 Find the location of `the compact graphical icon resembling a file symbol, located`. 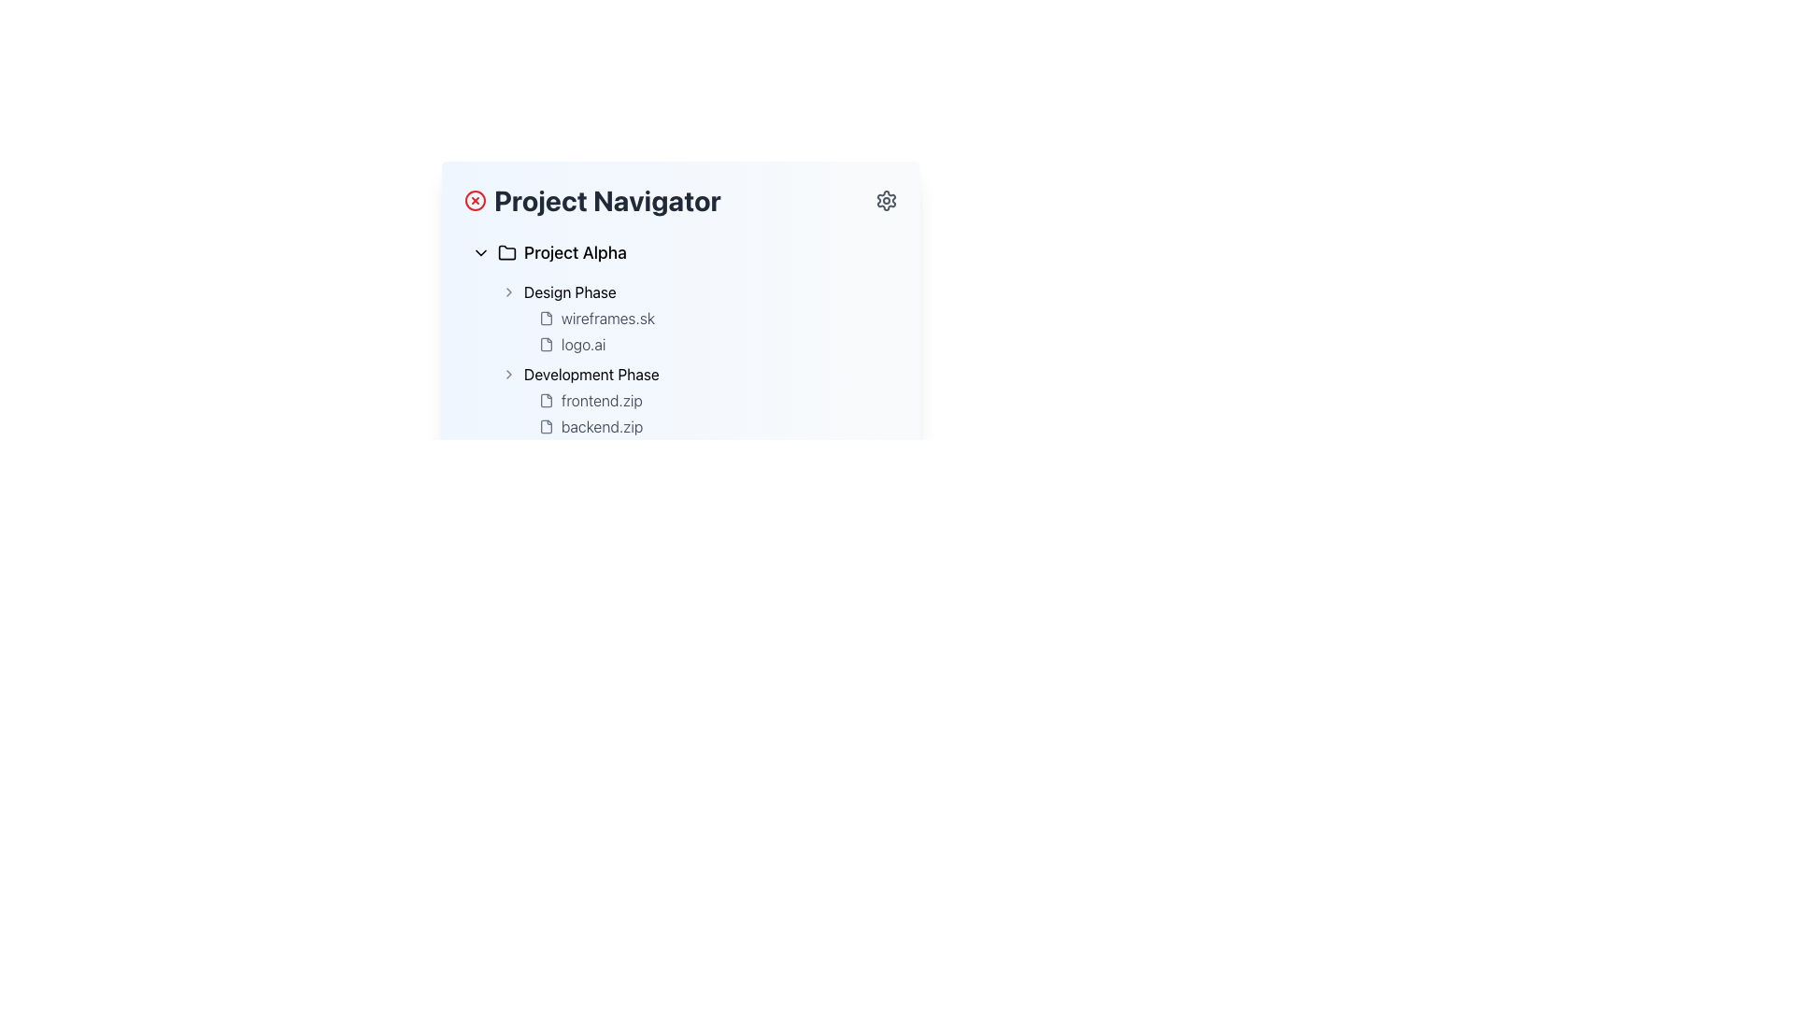

the compact graphical icon resembling a file symbol, located is located at coordinates (546, 345).